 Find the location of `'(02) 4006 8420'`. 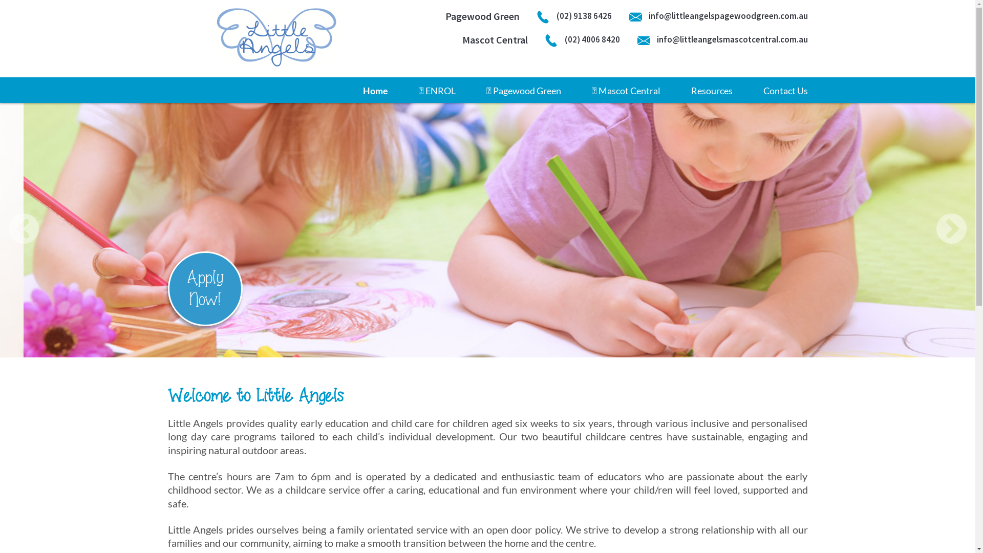

'(02) 4006 8420' is located at coordinates (582, 39).